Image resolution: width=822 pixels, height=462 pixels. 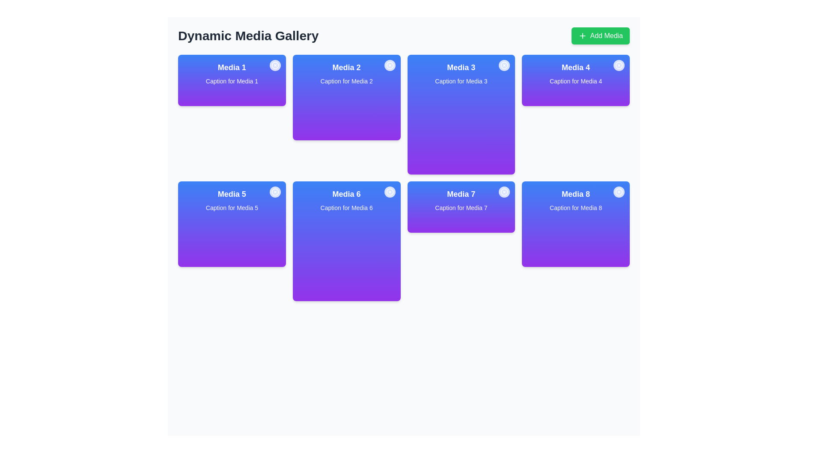 What do you see at coordinates (232, 81) in the screenshot?
I see `the static text element that provides additional descriptive information for 'Media 1', located within the card labeled 'Media 1'` at bounding box center [232, 81].